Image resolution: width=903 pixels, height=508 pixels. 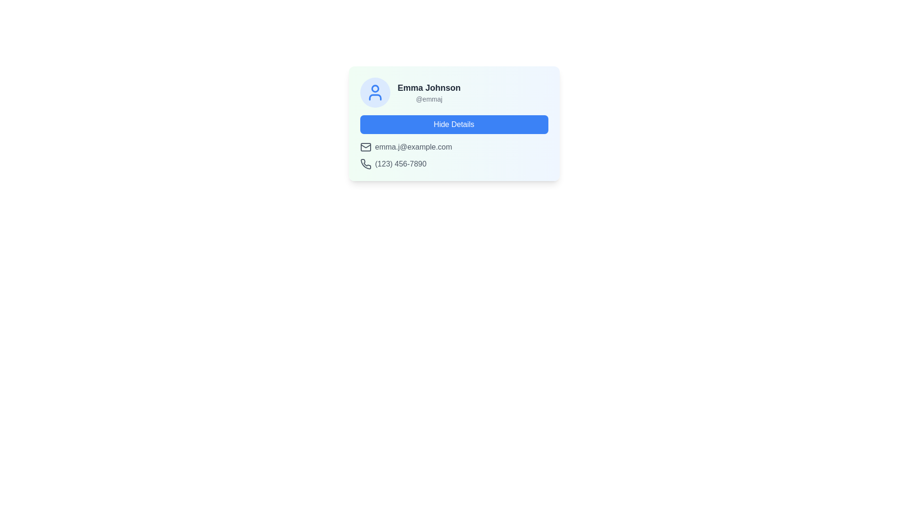 What do you see at coordinates (374, 92) in the screenshot?
I see `the circular blue icon representing the user profile of 'Emma Johnson', located to the left of the name and username '@emmaj'` at bounding box center [374, 92].